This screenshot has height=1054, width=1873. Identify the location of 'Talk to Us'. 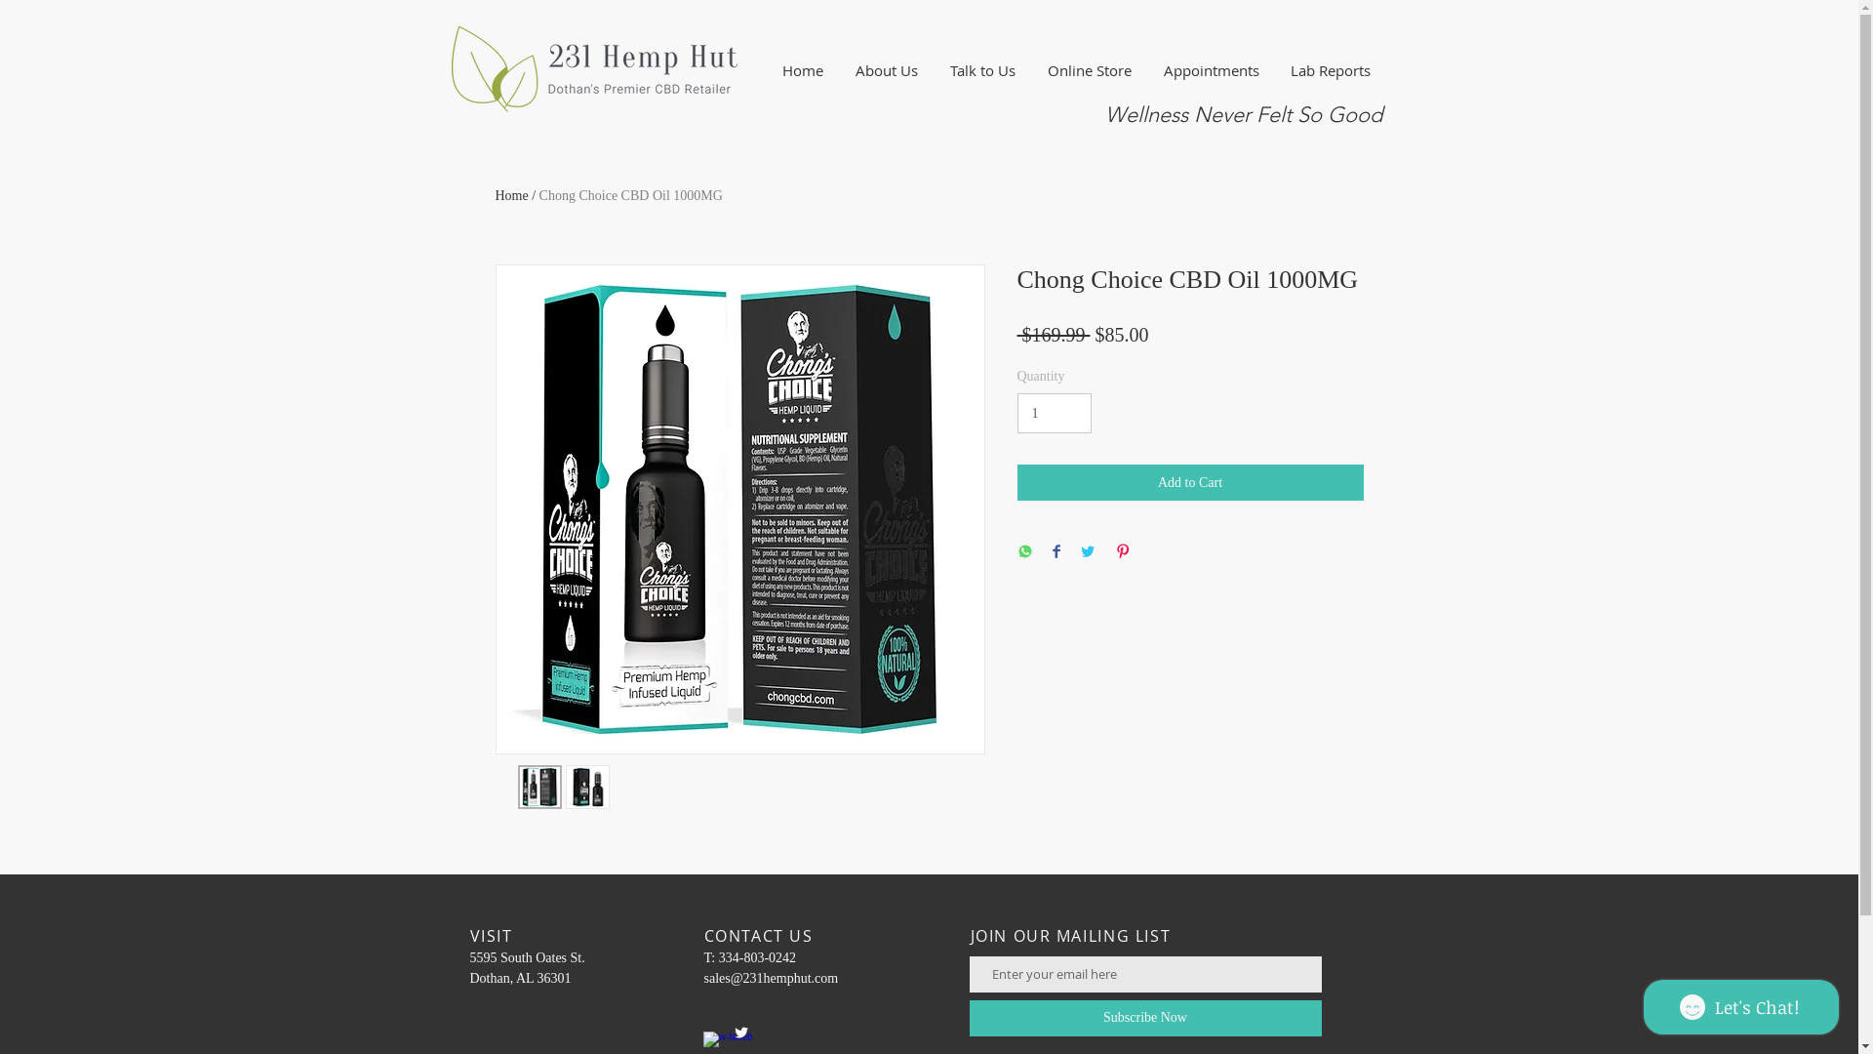
(934, 69).